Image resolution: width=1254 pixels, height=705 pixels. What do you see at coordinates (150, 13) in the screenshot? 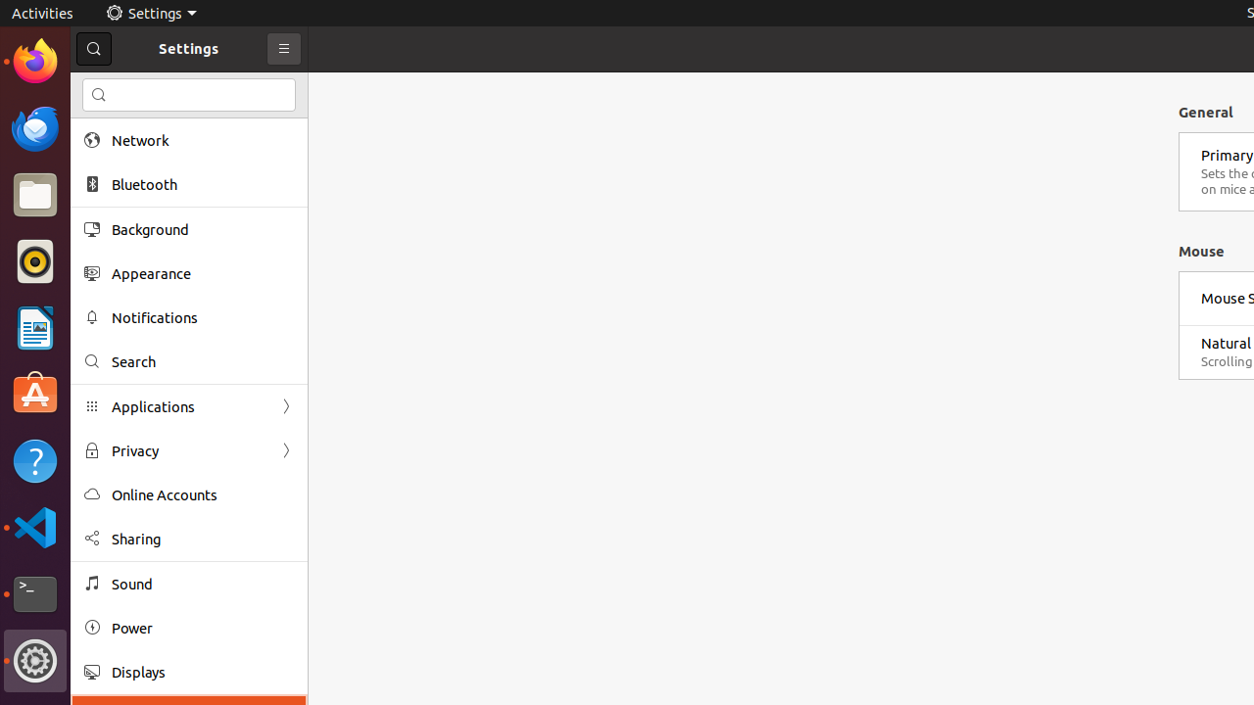
I see `'Settings'` at bounding box center [150, 13].